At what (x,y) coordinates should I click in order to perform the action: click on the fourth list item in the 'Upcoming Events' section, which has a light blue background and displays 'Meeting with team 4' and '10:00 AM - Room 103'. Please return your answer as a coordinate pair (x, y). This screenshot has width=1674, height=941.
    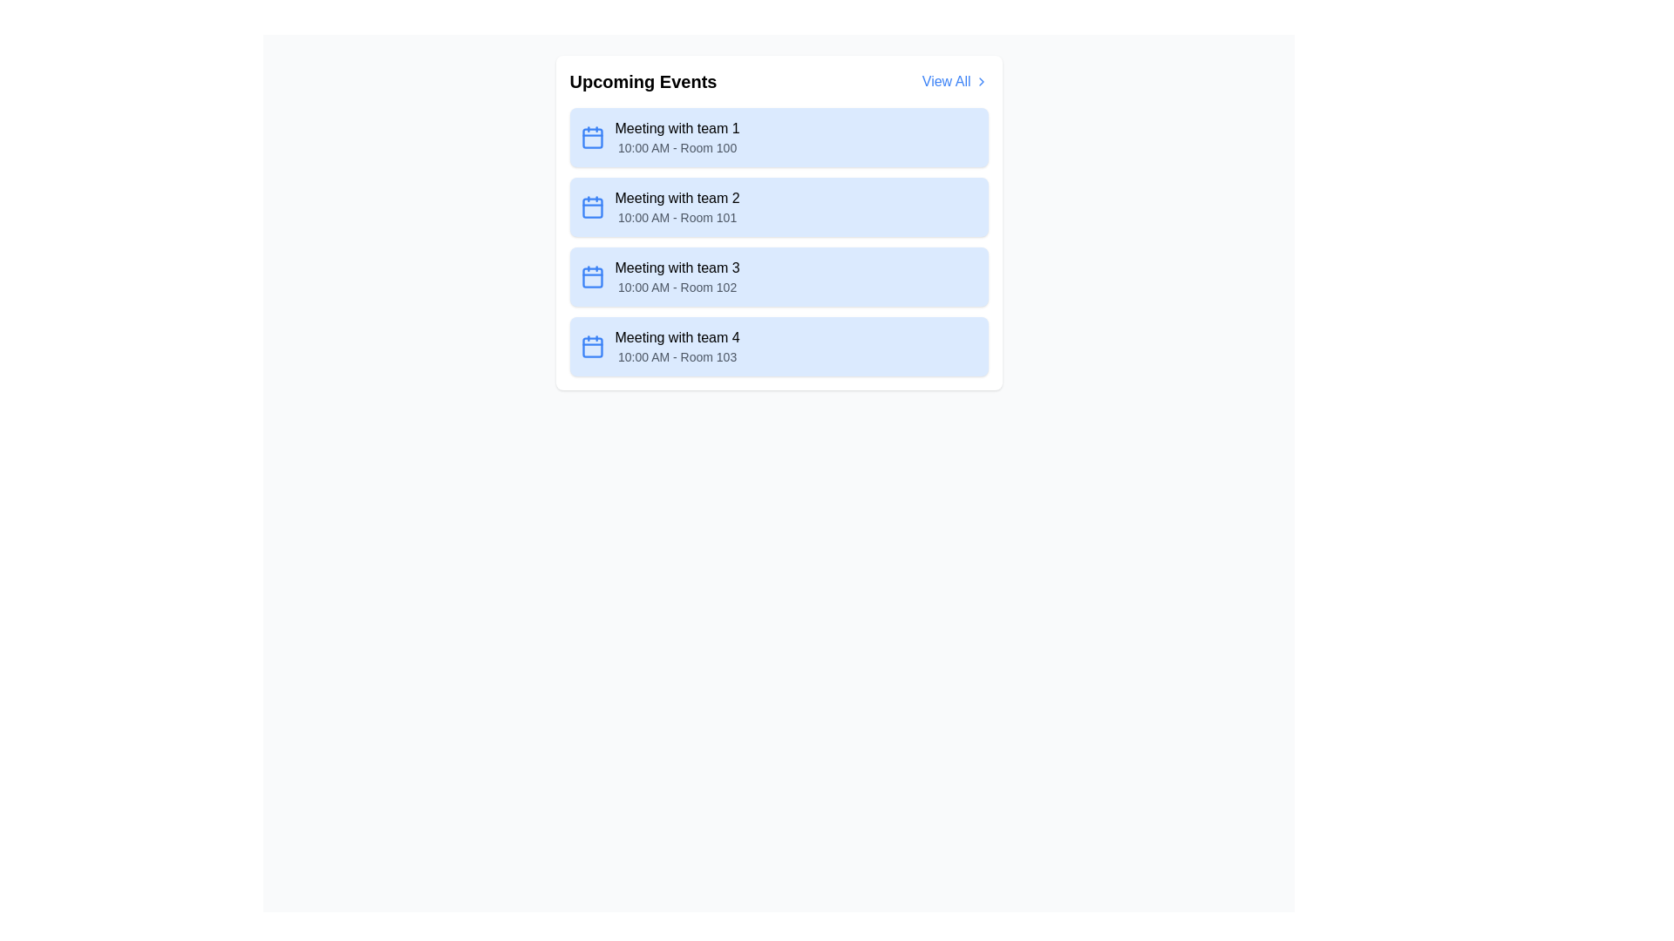
    Looking at the image, I should click on (778, 346).